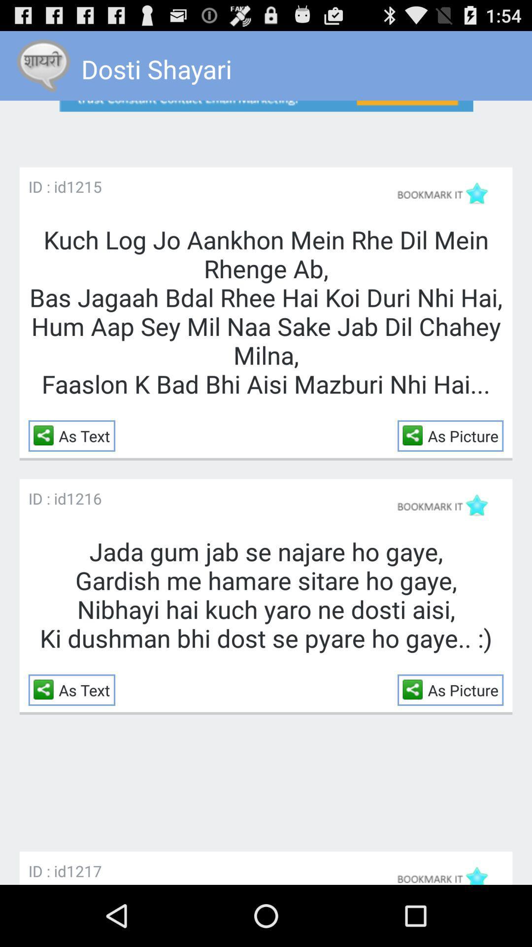 The width and height of the screenshot is (532, 947). What do you see at coordinates (447, 193) in the screenshot?
I see `marks as bookmark` at bounding box center [447, 193].